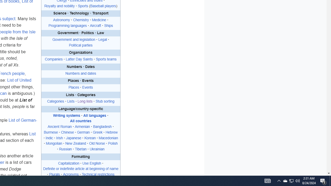 The height and width of the screenshot is (186, 331). Describe the element at coordinates (82, 127) in the screenshot. I see `'Armenian'` at that location.